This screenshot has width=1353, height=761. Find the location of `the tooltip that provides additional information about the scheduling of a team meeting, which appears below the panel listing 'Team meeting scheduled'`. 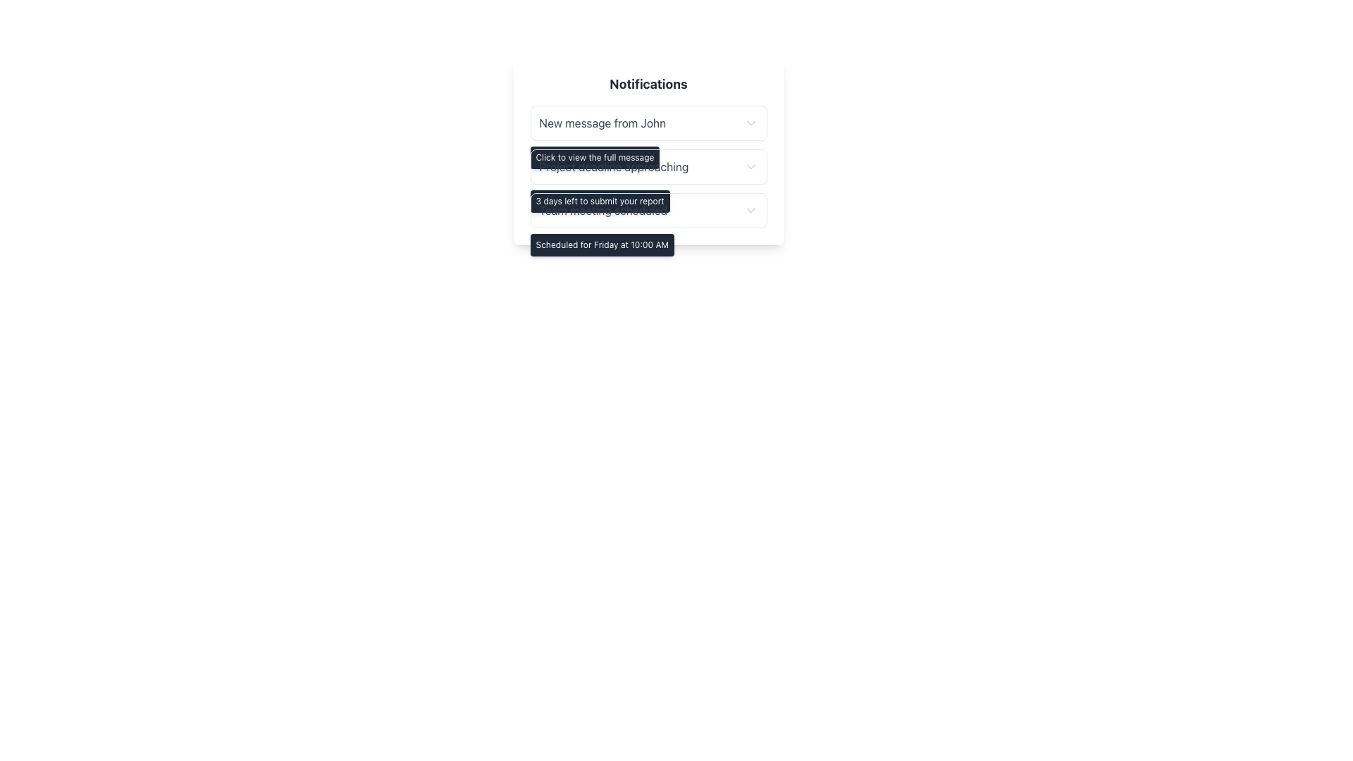

the tooltip that provides additional information about the scheduling of a team meeting, which appears below the panel listing 'Team meeting scheduled' is located at coordinates (602, 244).